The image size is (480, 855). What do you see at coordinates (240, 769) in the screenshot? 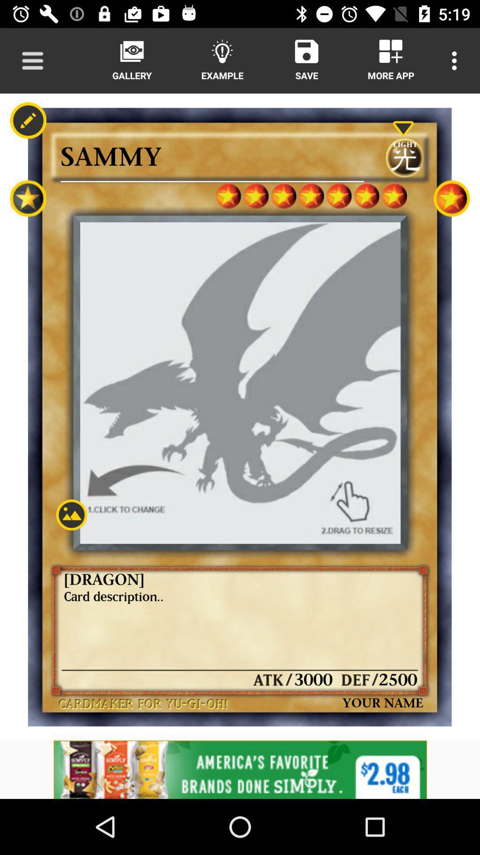
I see `advertisement` at bounding box center [240, 769].